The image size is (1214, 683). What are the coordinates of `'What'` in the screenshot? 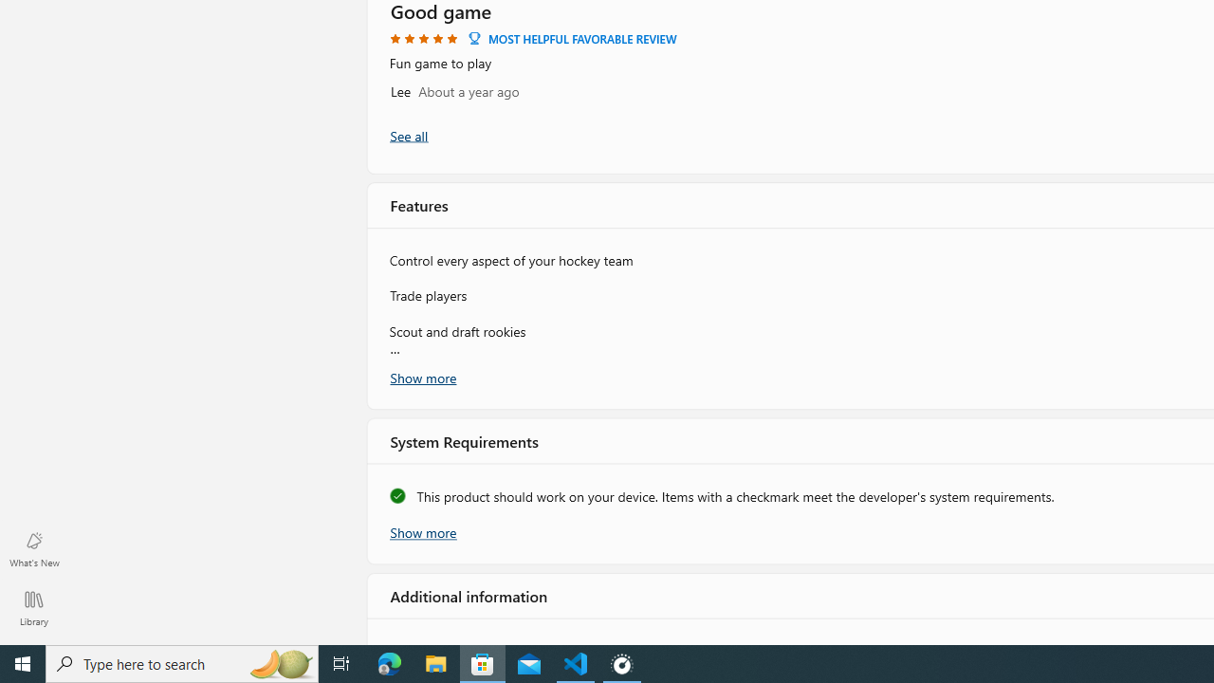 It's located at (33, 548).